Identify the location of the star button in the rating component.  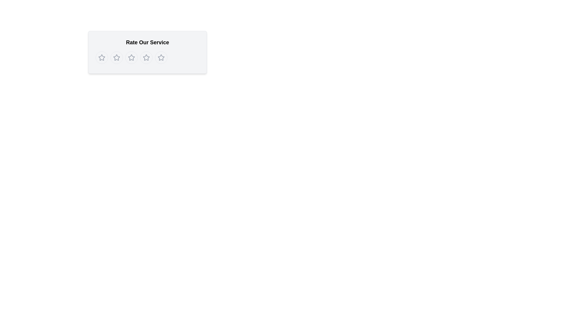
(148, 52).